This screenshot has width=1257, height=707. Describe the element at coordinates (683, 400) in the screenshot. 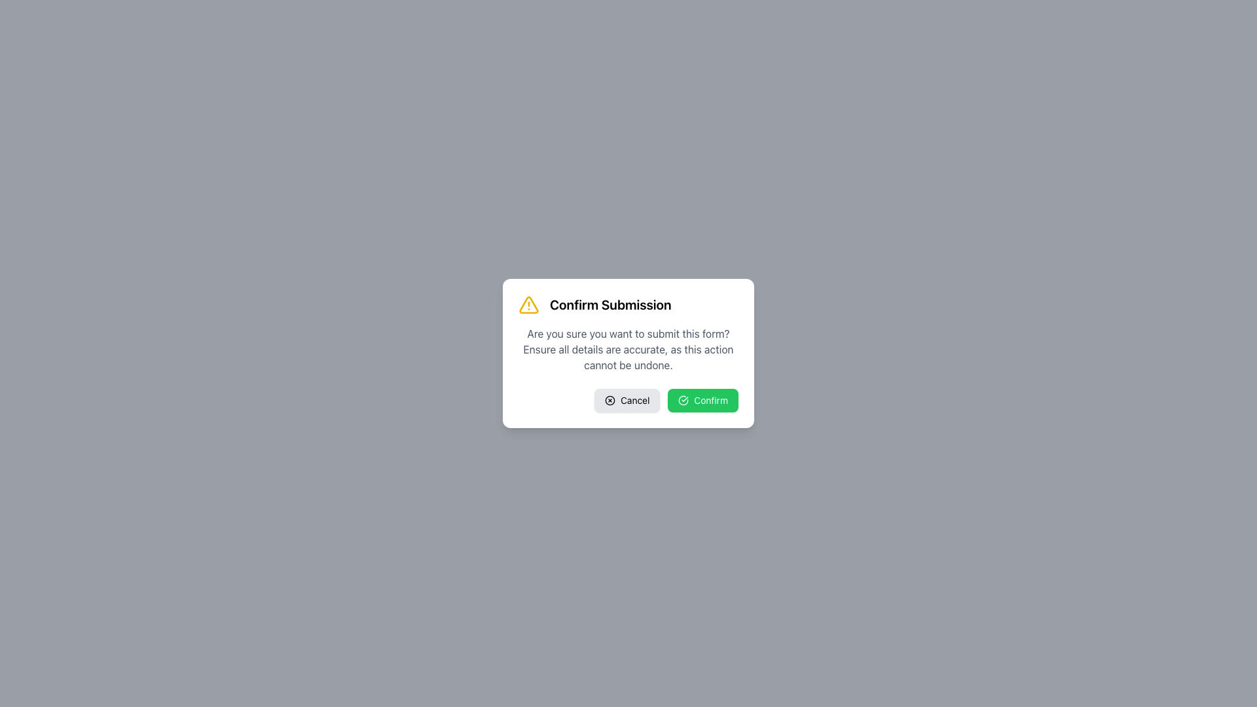

I see `the green circular checkmark icon located on the left side of the 'Confirm' button in the confirmation dialog box` at that location.